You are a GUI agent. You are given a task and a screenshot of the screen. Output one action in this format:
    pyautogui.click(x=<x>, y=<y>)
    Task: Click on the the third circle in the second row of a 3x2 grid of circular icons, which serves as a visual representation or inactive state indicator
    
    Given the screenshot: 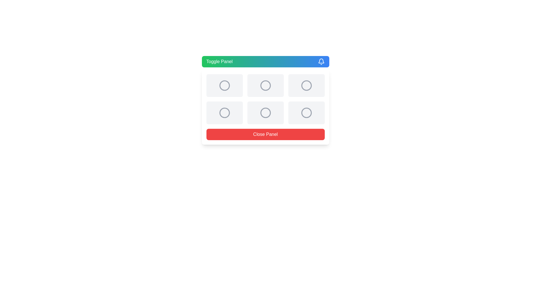 What is the action you would take?
    pyautogui.click(x=265, y=113)
    